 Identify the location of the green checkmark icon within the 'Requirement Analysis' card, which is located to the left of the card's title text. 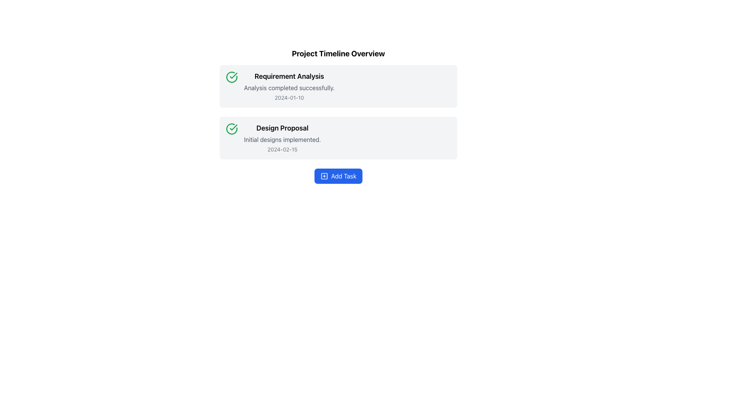
(233, 76).